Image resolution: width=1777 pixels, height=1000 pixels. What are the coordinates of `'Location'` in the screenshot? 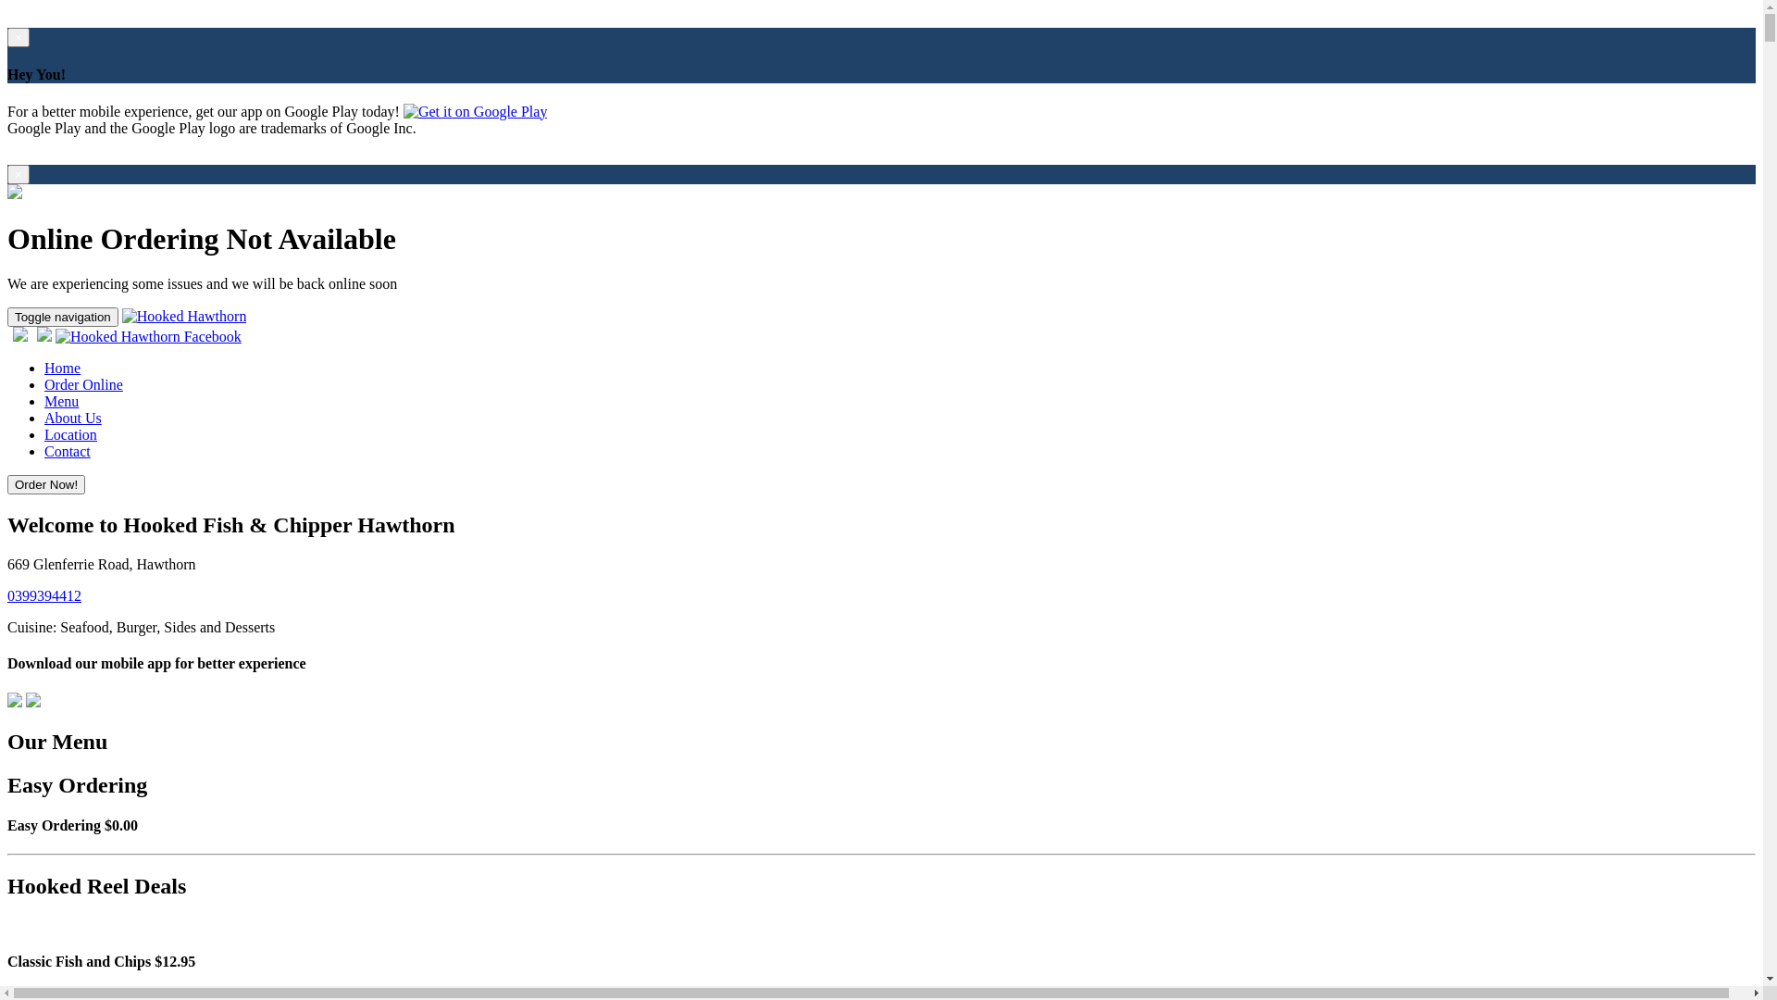 It's located at (44, 434).